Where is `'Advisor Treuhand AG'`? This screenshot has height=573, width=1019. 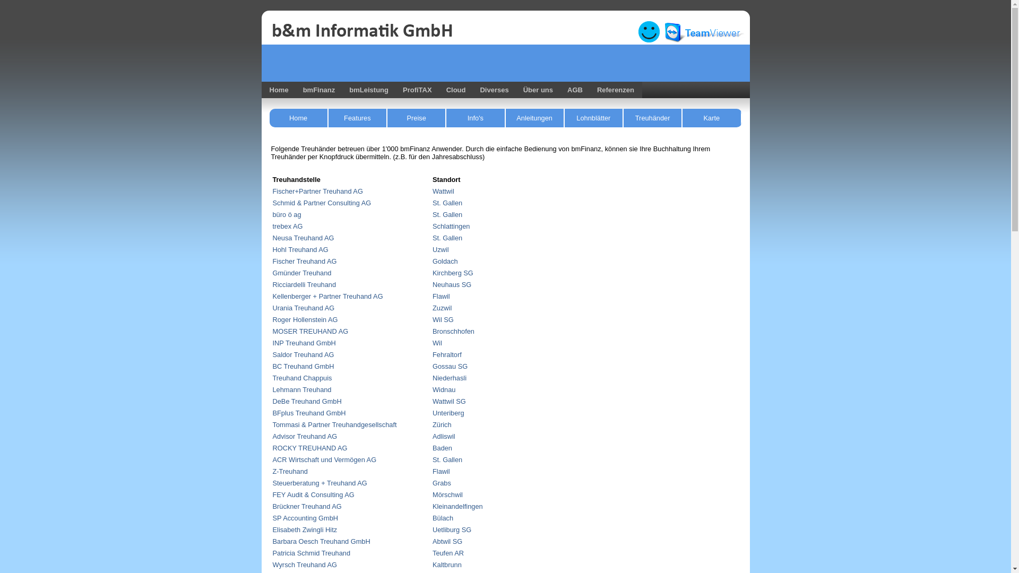 'Advisor Treuhand AG' is located at coordinates (305, 436).